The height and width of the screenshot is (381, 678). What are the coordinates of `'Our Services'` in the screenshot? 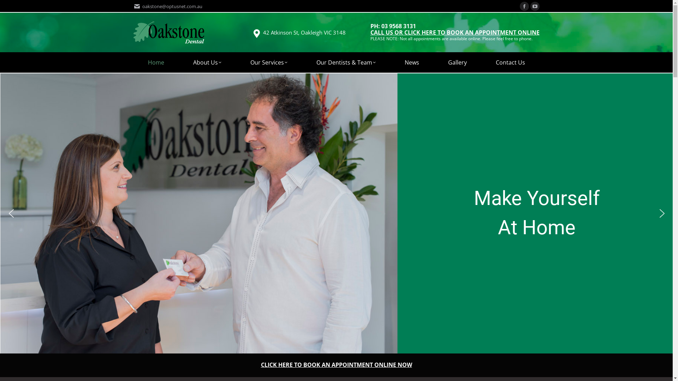 It's located at (268, 62).